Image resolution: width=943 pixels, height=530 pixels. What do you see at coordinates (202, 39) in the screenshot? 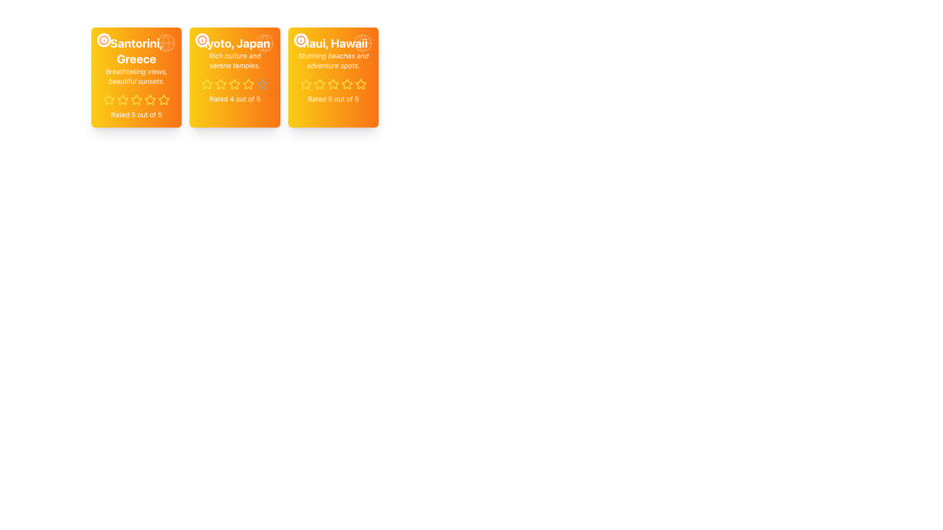
I see `the circular Information Icon with an 'i' symbol, which has a white outline and orange background, located at the top-left corner of the card labeled 'Kyoto, Japan'` at bounding box center [202, 39].